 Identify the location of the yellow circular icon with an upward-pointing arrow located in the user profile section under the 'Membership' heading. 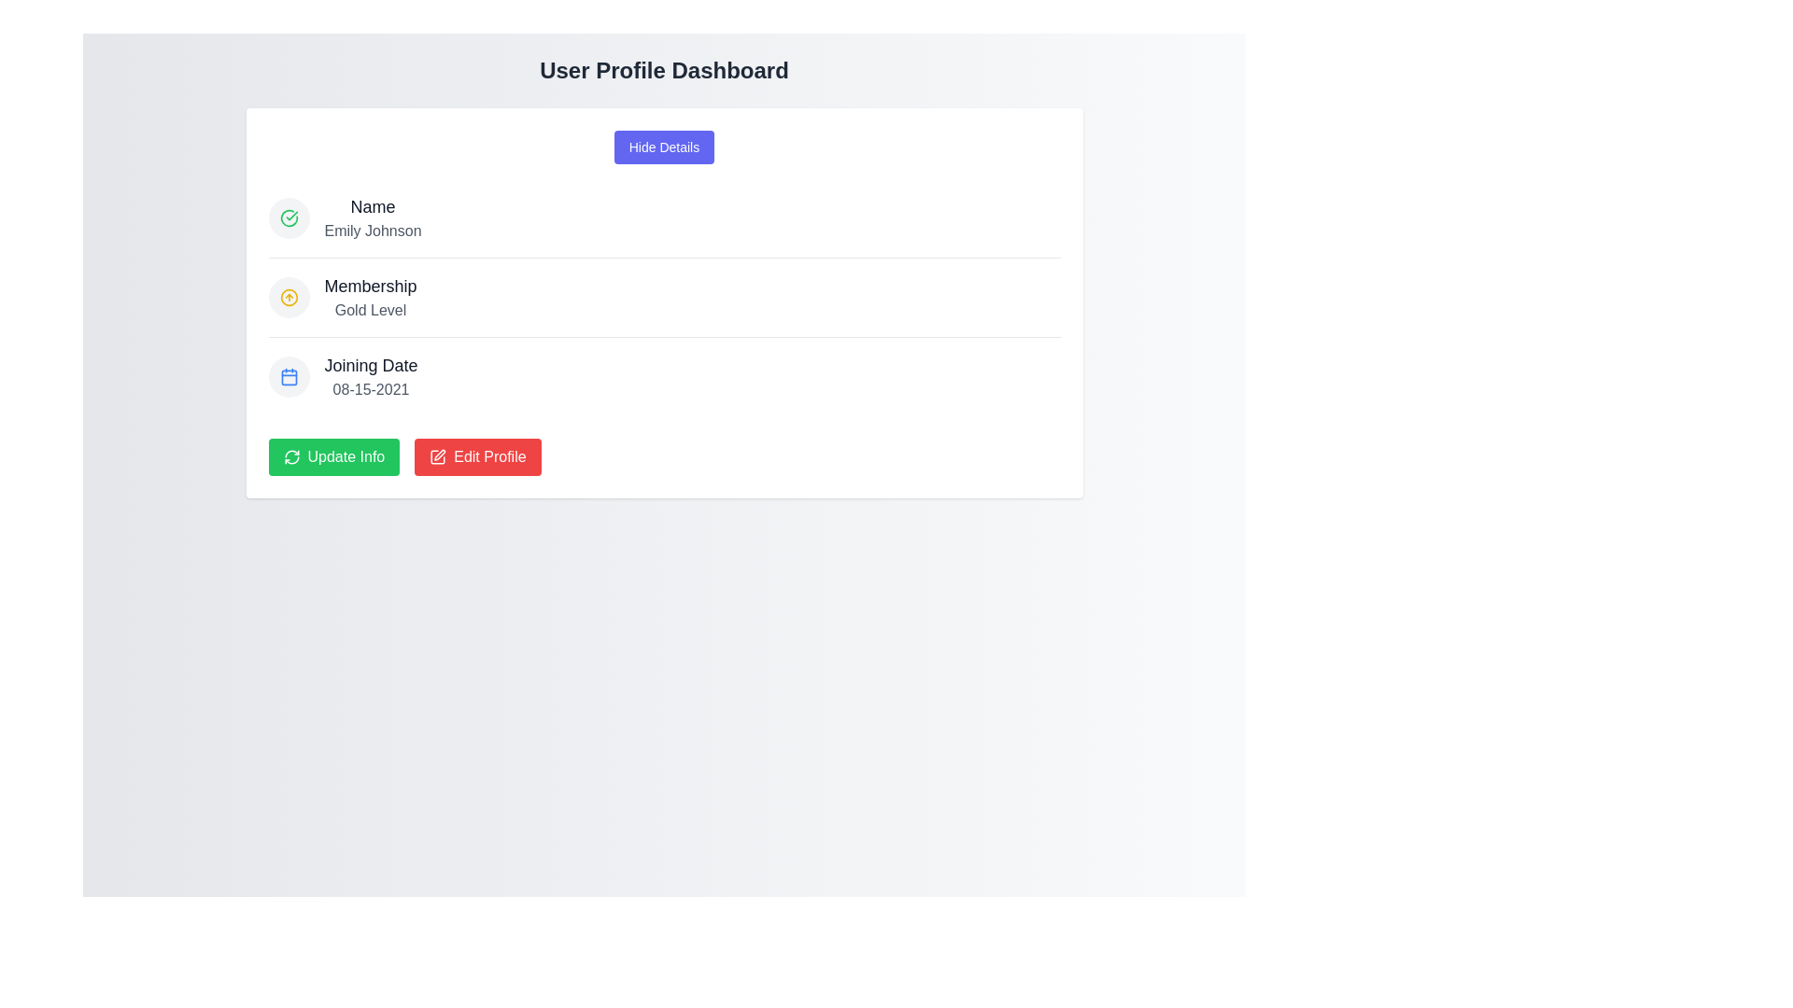
(288, 297).